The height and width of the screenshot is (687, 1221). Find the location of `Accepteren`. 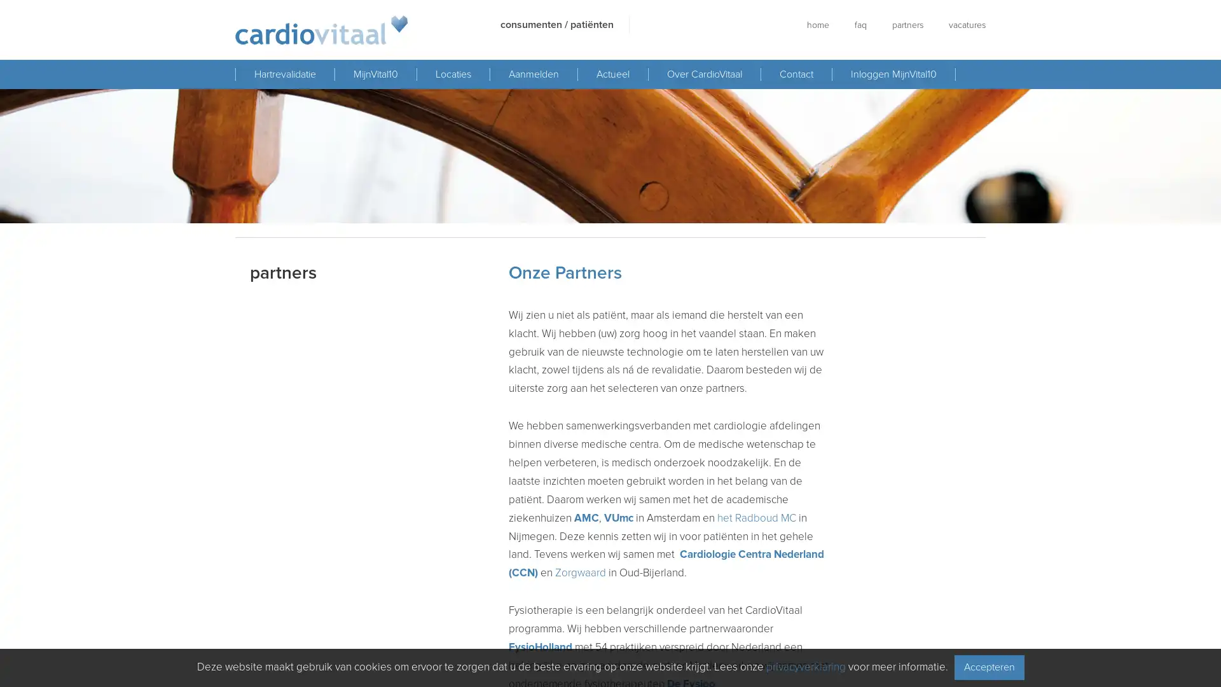

Accepteren is located at coordinates (988, 667).